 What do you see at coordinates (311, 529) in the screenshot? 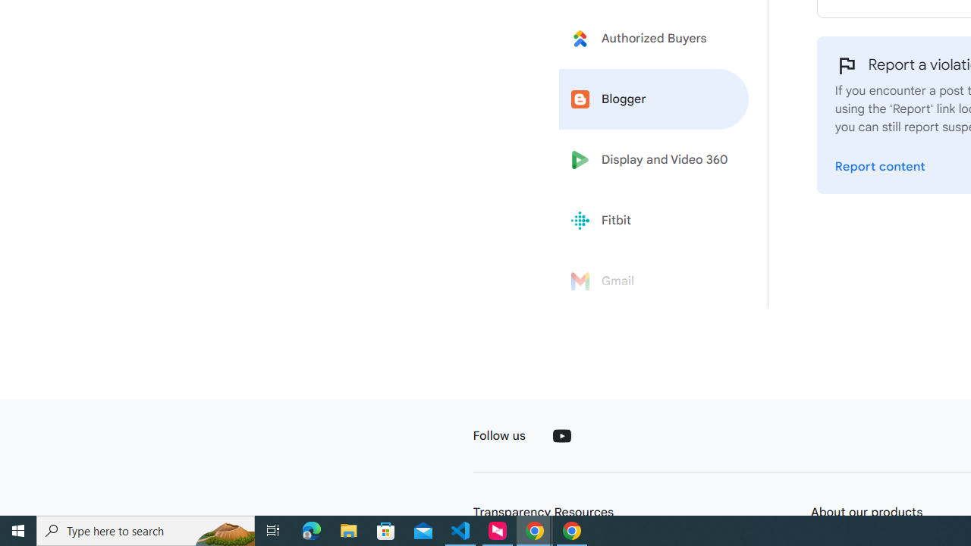
I see `'Microsoft Edge'` at bounding box center [311, 529].